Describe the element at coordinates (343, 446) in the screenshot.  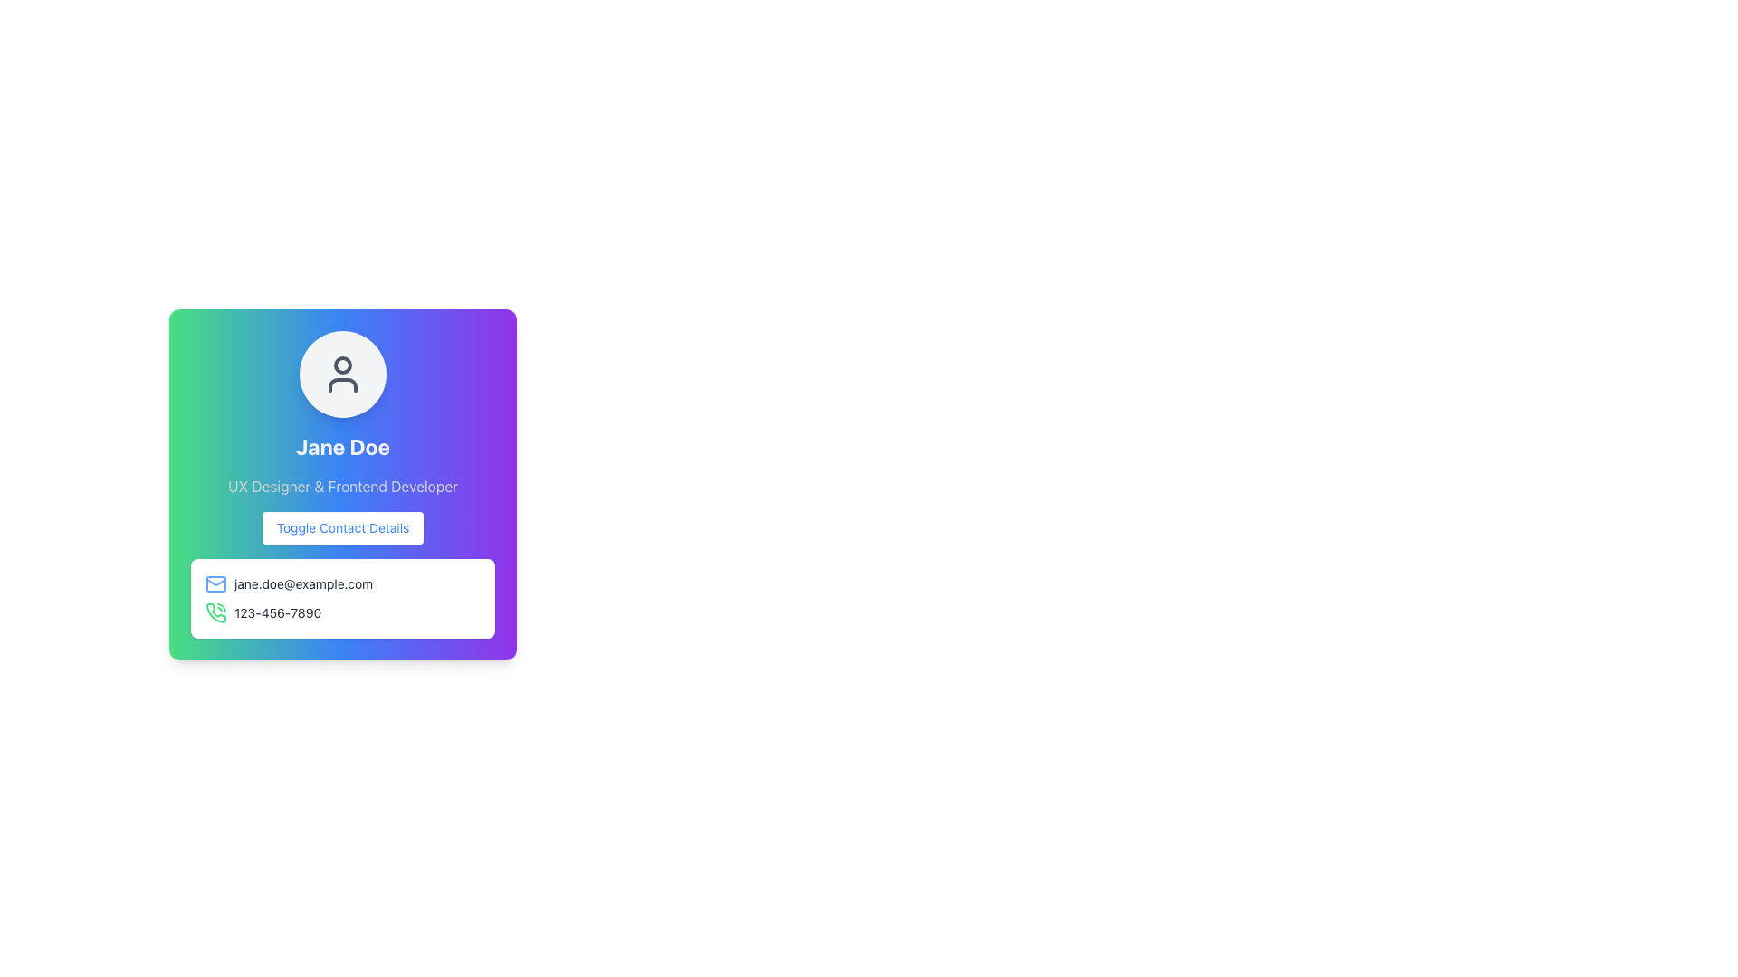
I see `the text label displaying 'Jane Doe' for accessibility tools` at that location.